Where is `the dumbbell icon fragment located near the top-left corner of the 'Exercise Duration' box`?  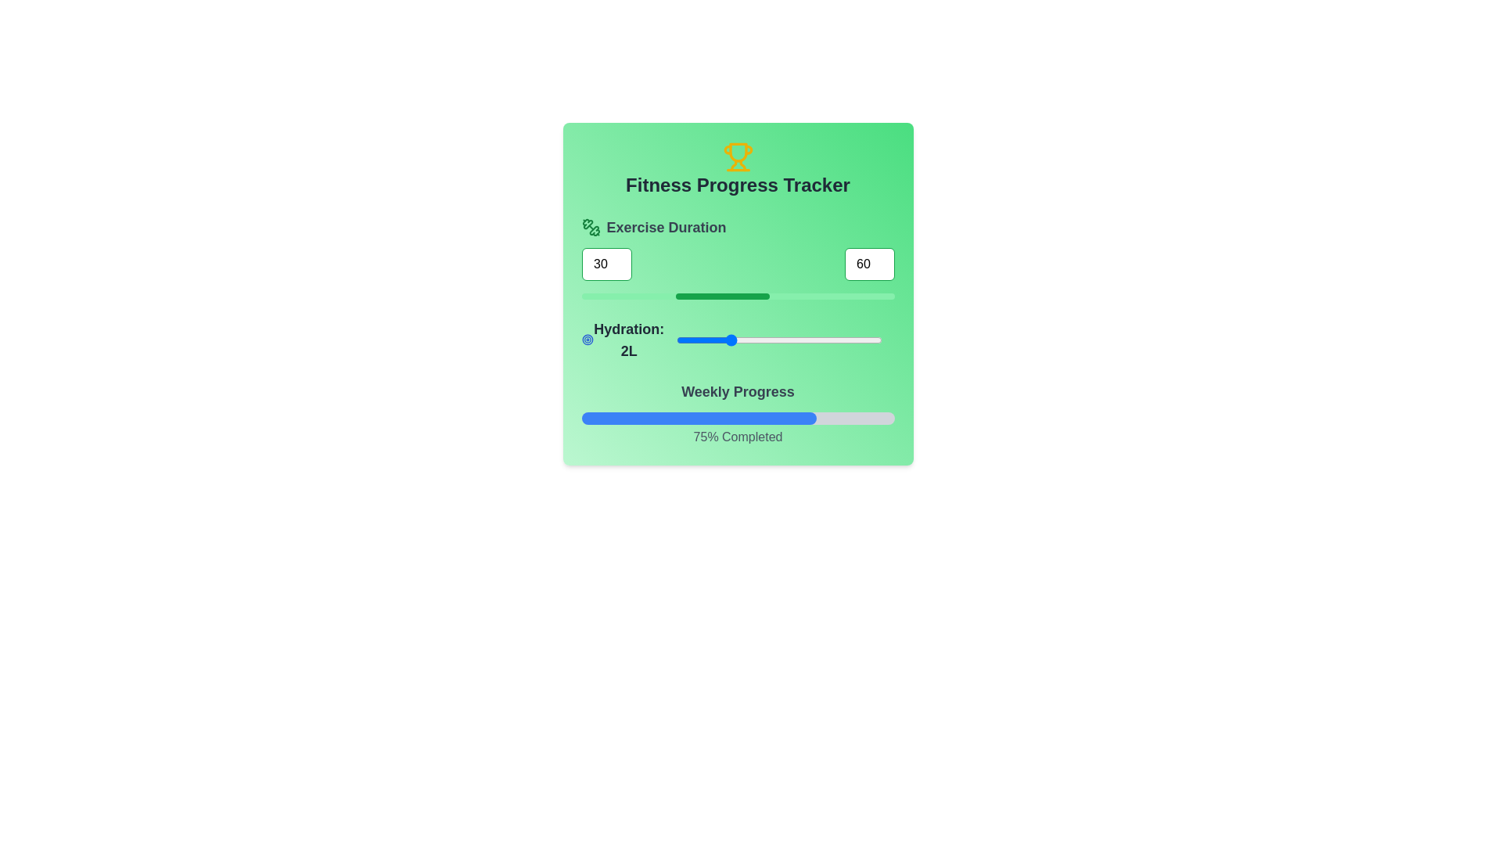
the dumbbell icon fragment located near the top-left corner of the 'Exercise Duration' box is located at coordinates (593, 231).